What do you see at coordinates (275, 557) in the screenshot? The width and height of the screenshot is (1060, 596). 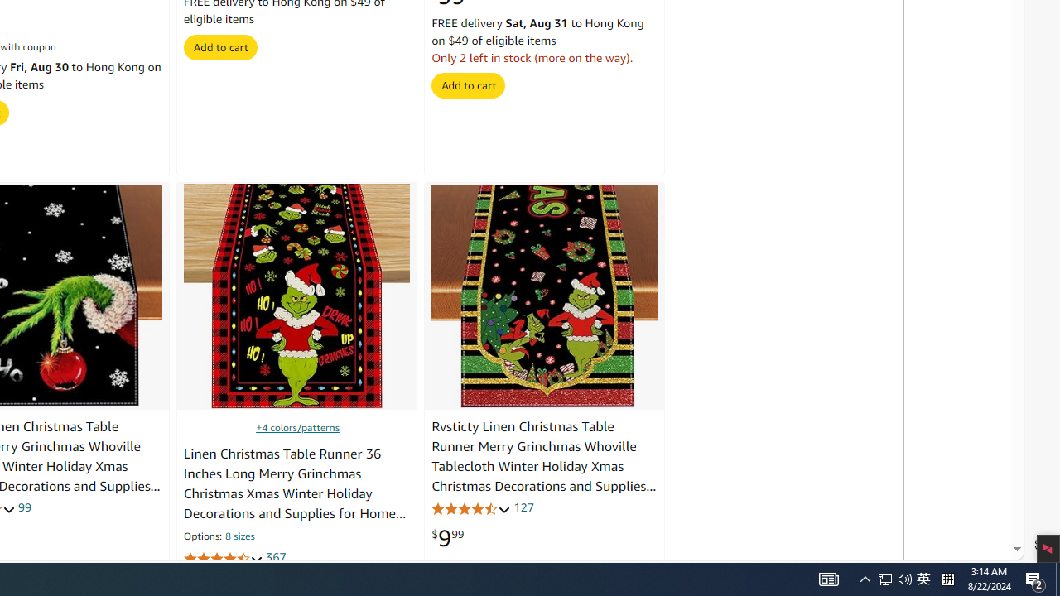 I see `'367'` at bounding box center [275, 557].